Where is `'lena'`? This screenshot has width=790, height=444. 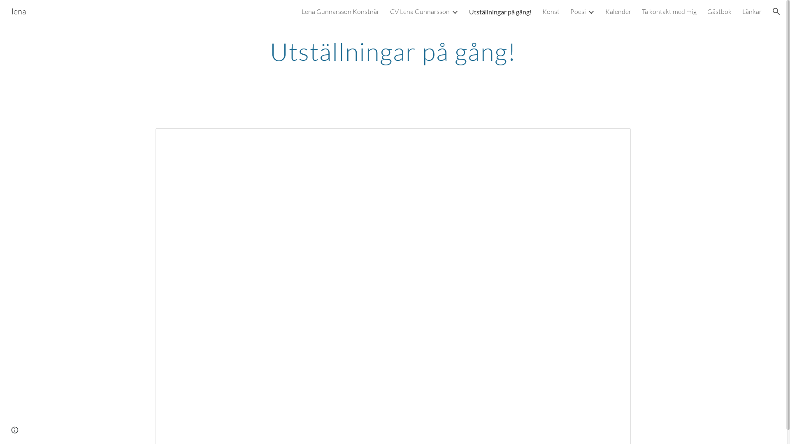
'lena' is located at coordinates (19, 10).